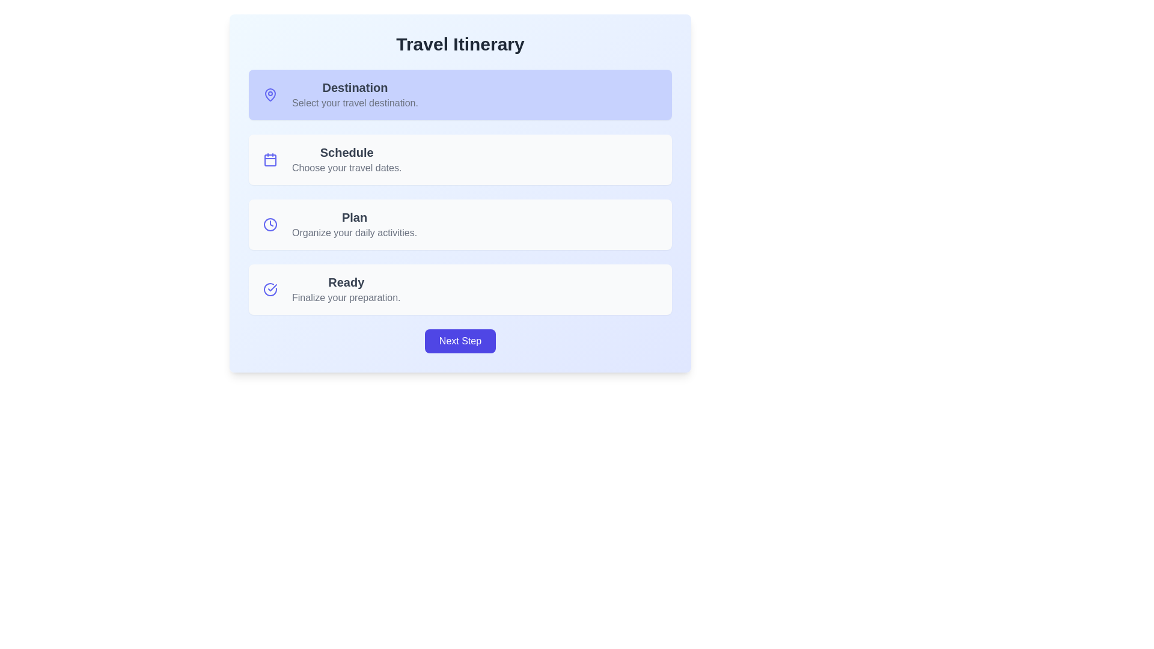 The image size is (1154, 649). What do you see at coordinates (346, 152) in the screenshot?
I see `the 'Schedule' text label, which is styled in bold and large dark gray font, located in the second card just below the 'Destination' section` at bounding box center [346, 152].